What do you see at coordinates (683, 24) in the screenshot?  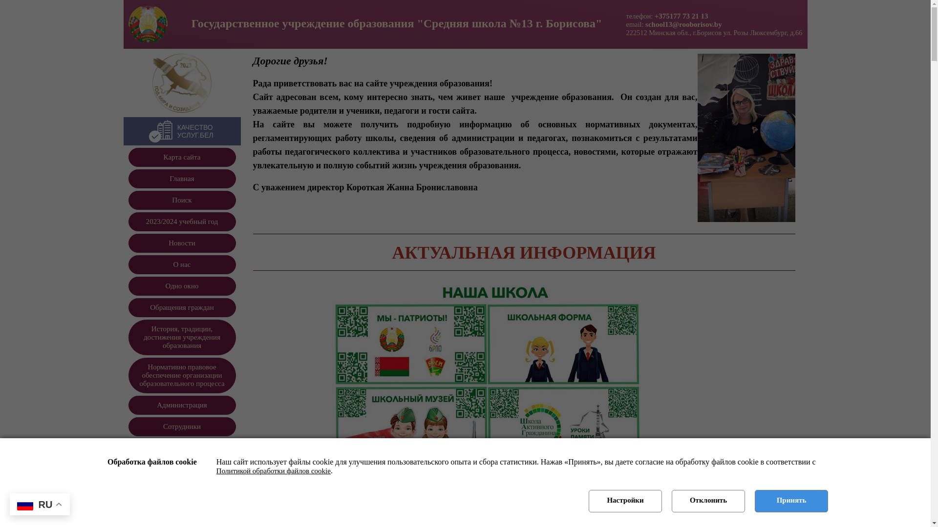 I see `'school13@rooborisov.by'` at bounding box center [683, 24].